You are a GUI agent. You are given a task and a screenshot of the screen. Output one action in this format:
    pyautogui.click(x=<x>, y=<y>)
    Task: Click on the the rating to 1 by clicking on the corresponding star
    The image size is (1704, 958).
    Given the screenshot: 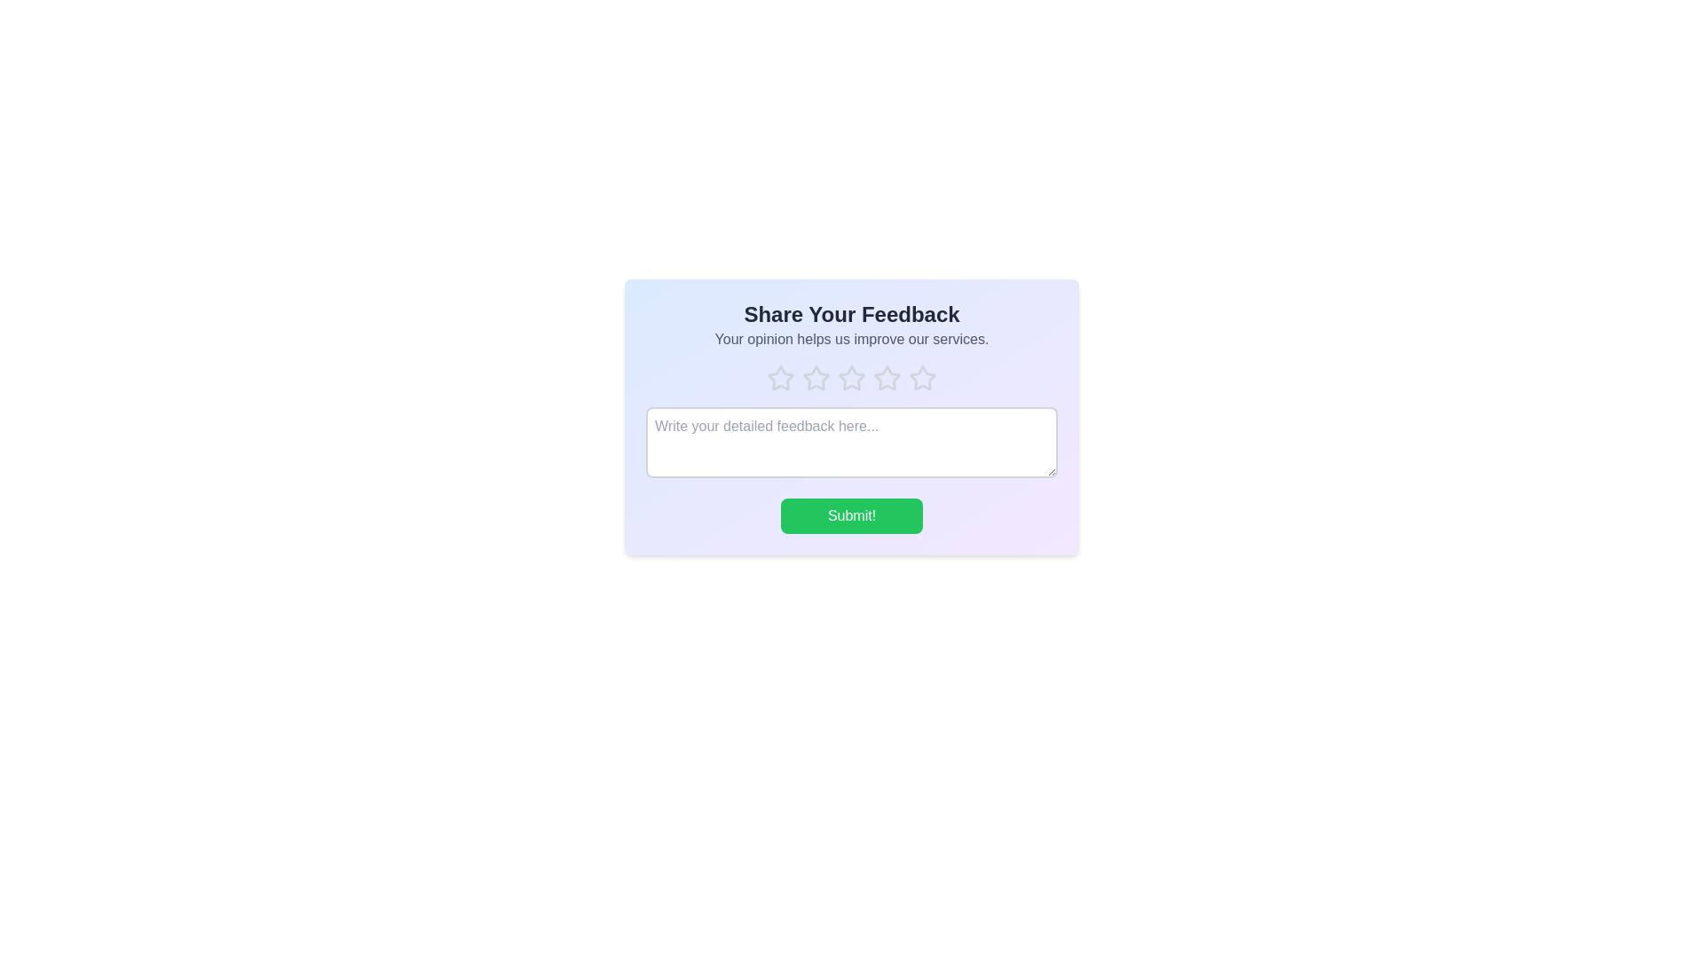 What is the action you would take?
    pyautogui.click(x=780, y=378)
    